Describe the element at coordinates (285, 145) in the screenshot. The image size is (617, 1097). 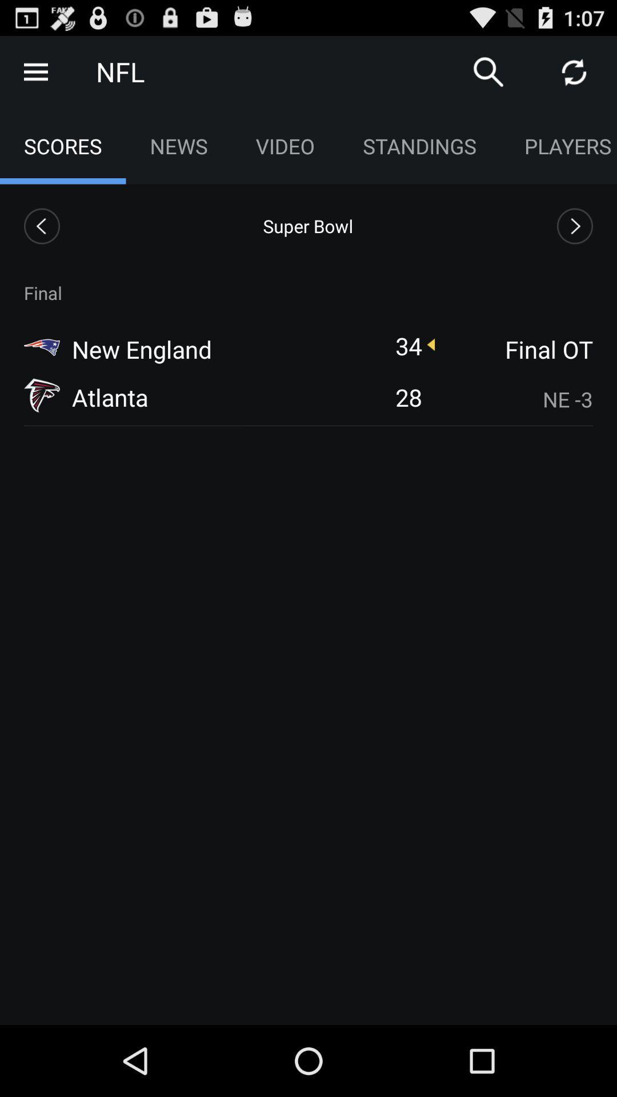
I see `the app next to news icon` at that location.